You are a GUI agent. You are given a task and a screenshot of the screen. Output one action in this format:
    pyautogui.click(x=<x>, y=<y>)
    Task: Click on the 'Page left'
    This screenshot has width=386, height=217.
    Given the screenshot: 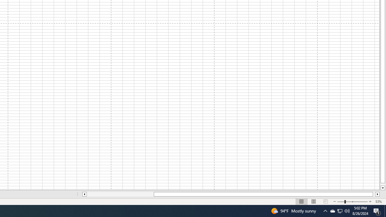 What is the action you would take?
    pyautogui.click(x=120, y=194)
    